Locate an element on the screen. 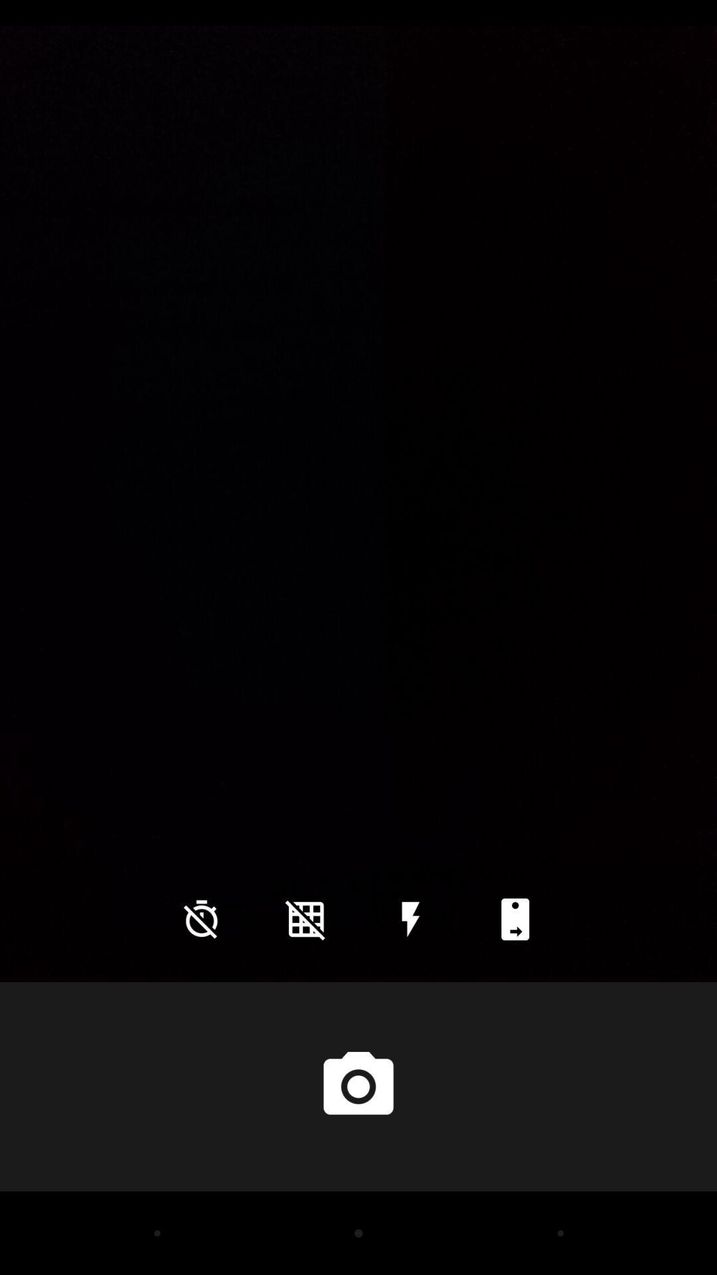 This screenshot has height=1275, width=717. item at the bottom right corner is located at coordinates (515, 918).